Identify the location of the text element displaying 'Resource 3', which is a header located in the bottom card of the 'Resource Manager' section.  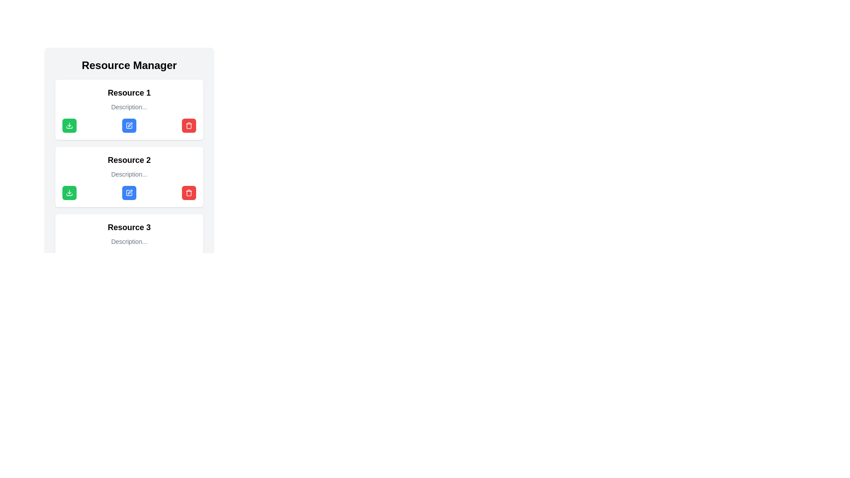
(129, 227).